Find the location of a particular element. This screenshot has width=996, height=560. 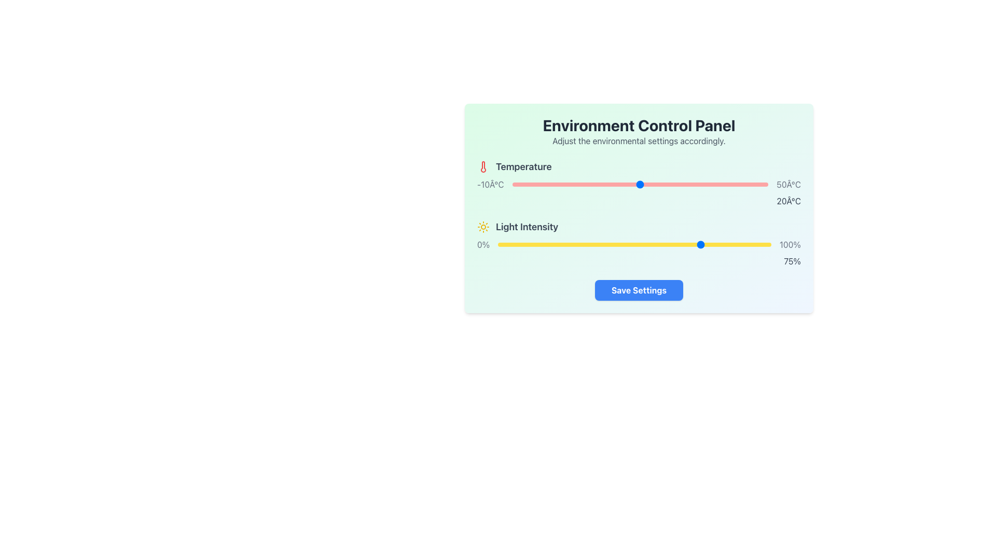

the label text indicating the light intensity control section in the Environment Control Panel interface is located at coordinates (527, 227).